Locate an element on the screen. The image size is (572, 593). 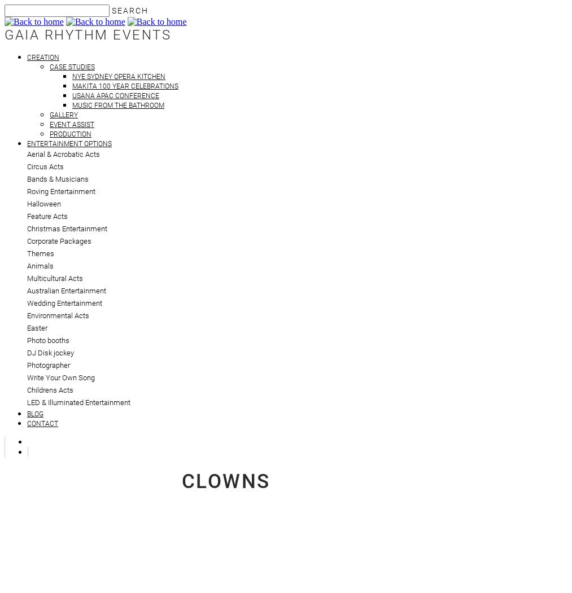
'Creation' is located at coordinates (42, 58).